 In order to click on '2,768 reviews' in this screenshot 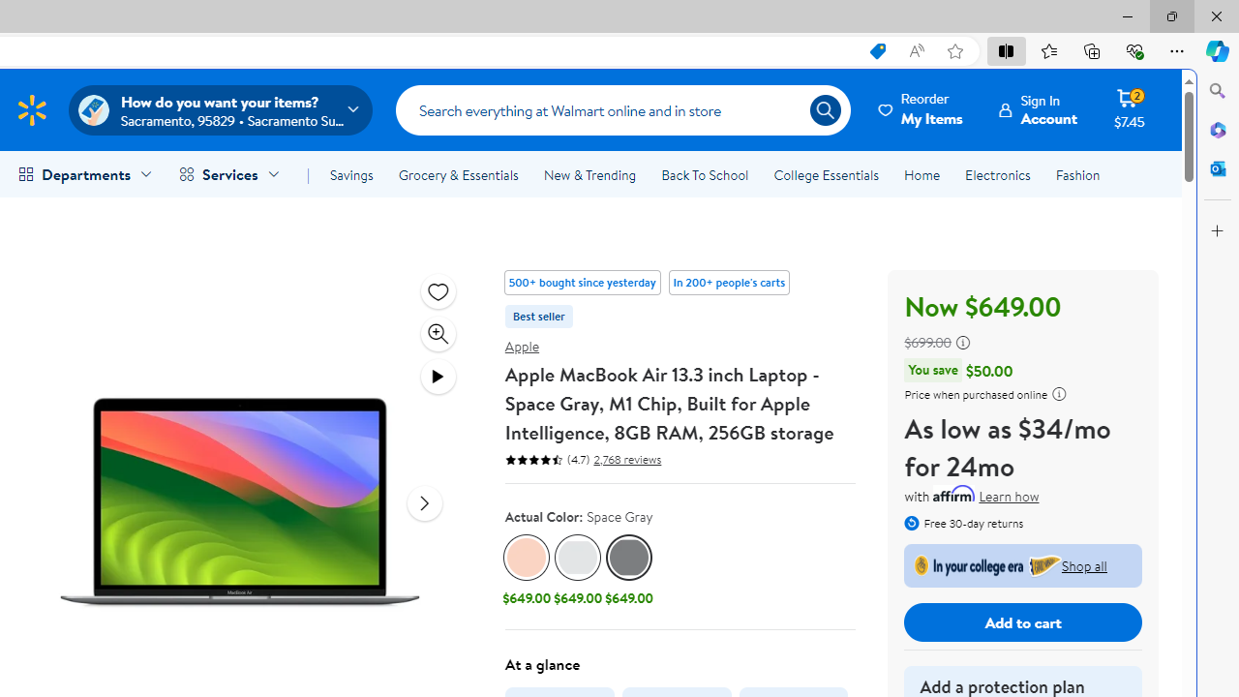, I will do `click(625, 459)`.